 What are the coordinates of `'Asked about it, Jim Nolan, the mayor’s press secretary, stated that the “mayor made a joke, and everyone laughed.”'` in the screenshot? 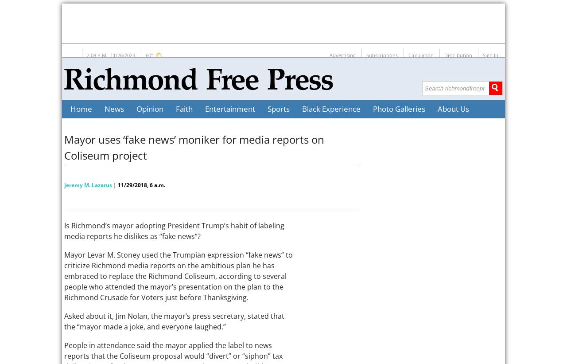 It's located at (174, 321).